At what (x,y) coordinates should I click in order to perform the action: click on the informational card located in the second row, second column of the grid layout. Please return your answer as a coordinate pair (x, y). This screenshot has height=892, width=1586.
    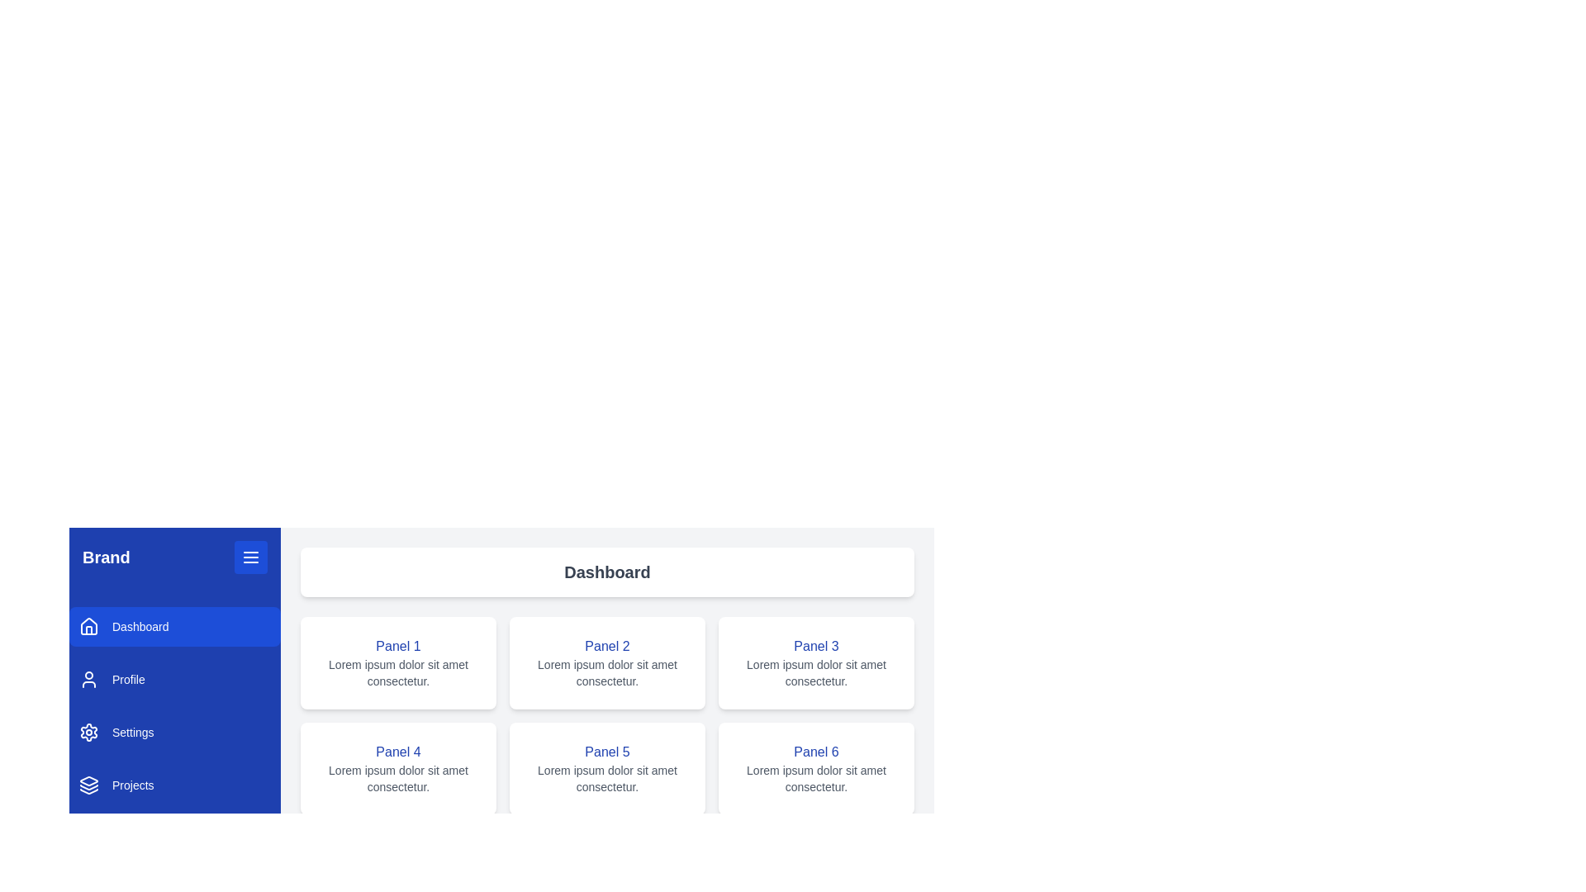
    Looking at the image, I should click on (606, 768).